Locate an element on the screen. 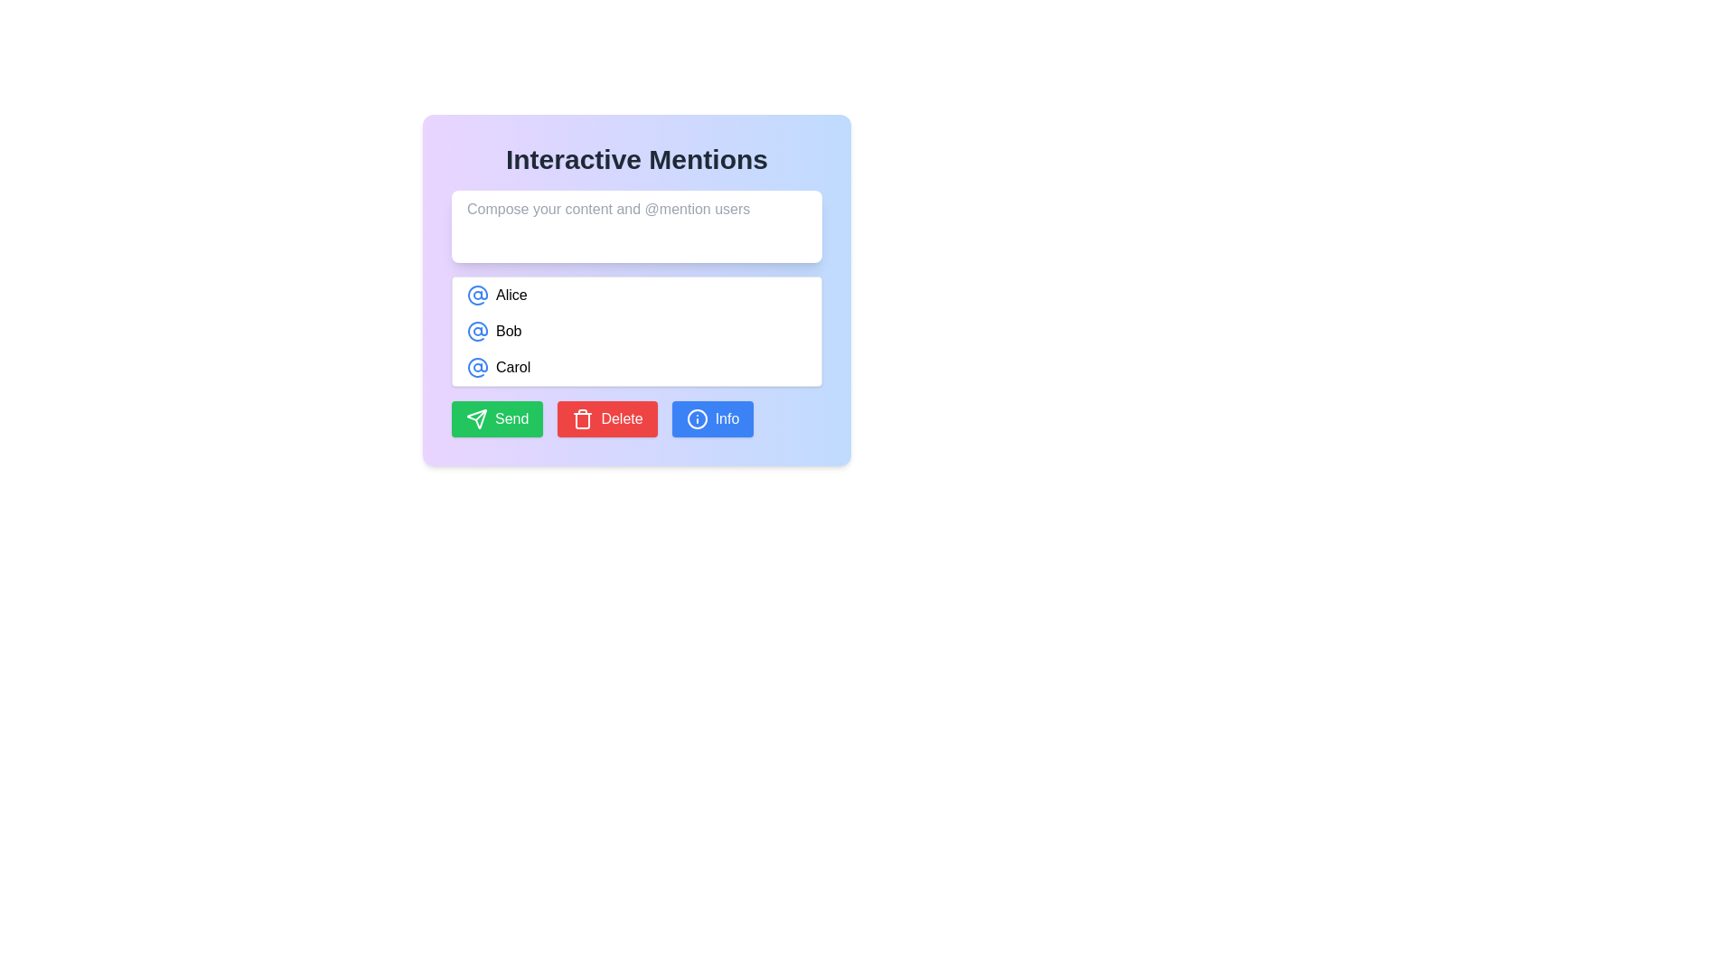 This screenshot has height=976, width=1735. the 'info' icon located inside the 'Info' button at the bottom right corner of the interactive UI, which is positioned to the left of the text 'Info' is located at coordinates (696, 418).